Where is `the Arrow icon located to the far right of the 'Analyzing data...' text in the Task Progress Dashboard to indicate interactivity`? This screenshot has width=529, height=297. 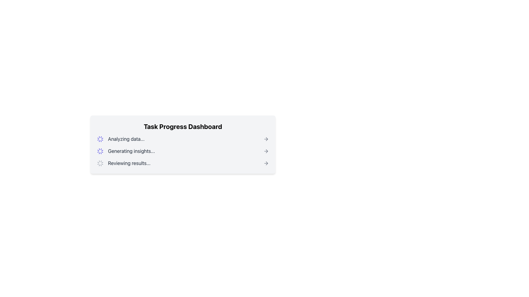 the Arrow icon located to the far right of the 'Analyzing data...' text in the Task Progress Dashboard to indicate interactivity is located at coordinates (266, 139).